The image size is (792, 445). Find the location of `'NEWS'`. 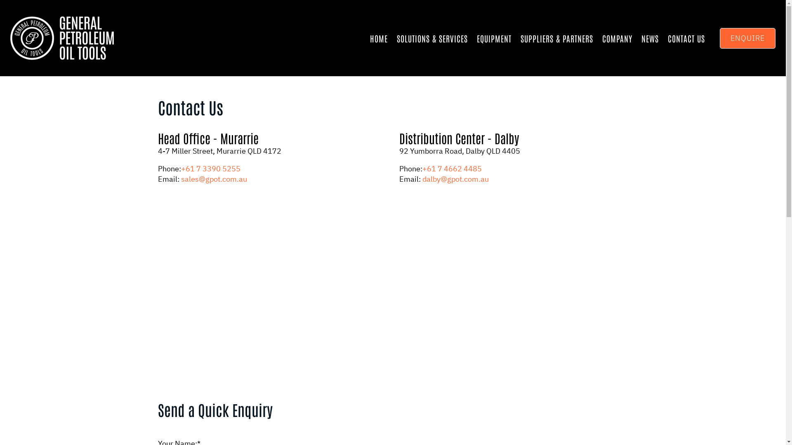

'NEWS' is located at coordinates (649, 38).